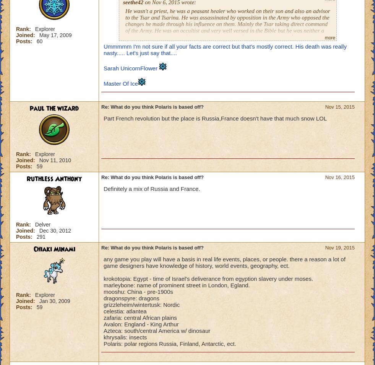  What do you see at coordinates (103, 83) in the screenshot?
I see `'Master Of Ice'` at bounding box center [103, 83].